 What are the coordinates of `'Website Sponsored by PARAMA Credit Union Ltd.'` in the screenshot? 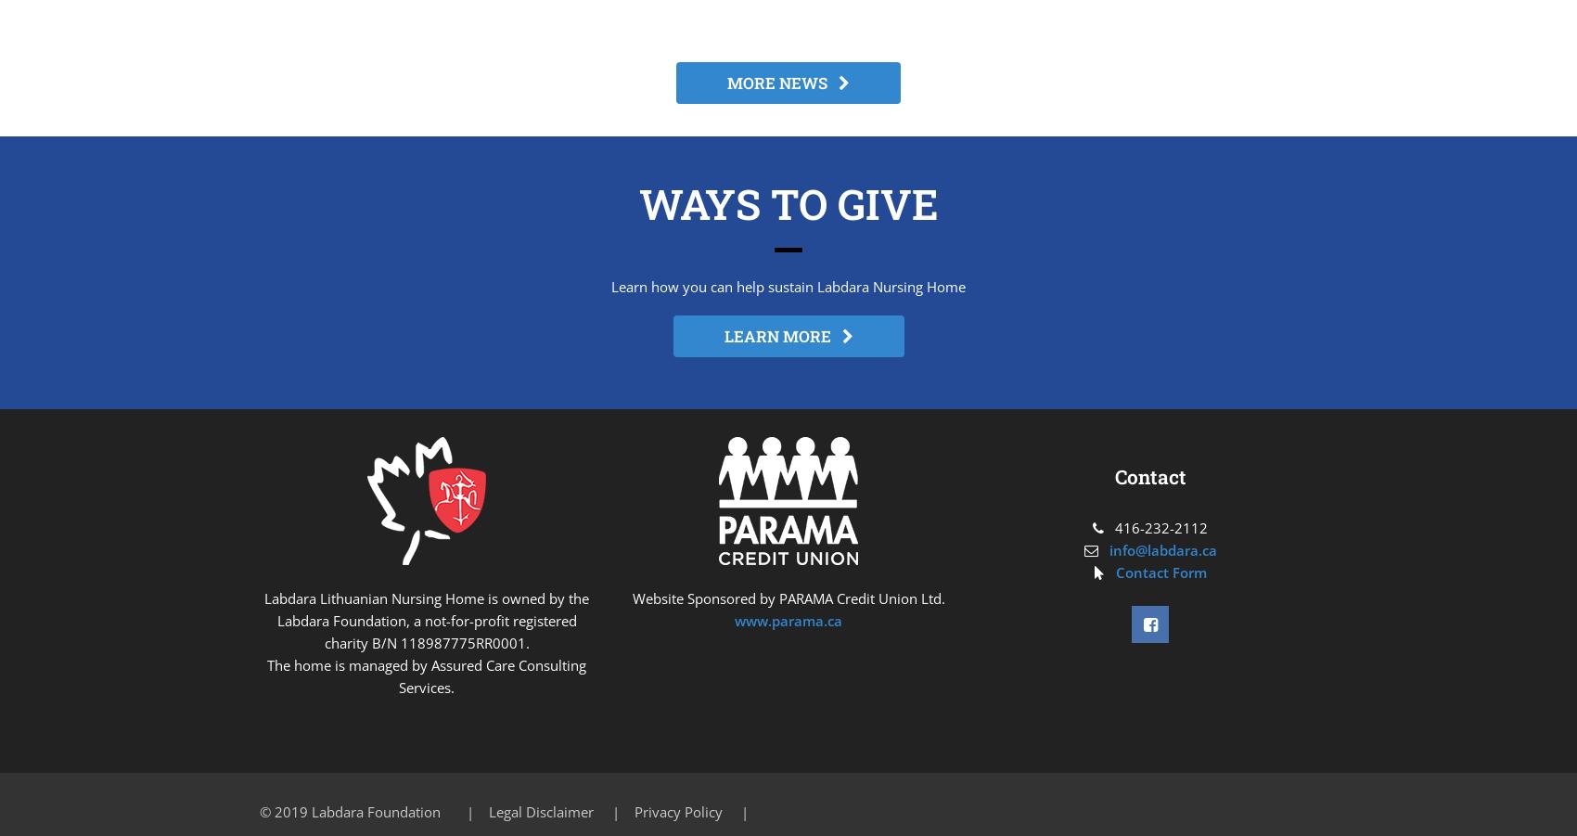 It's located at (787, 598).